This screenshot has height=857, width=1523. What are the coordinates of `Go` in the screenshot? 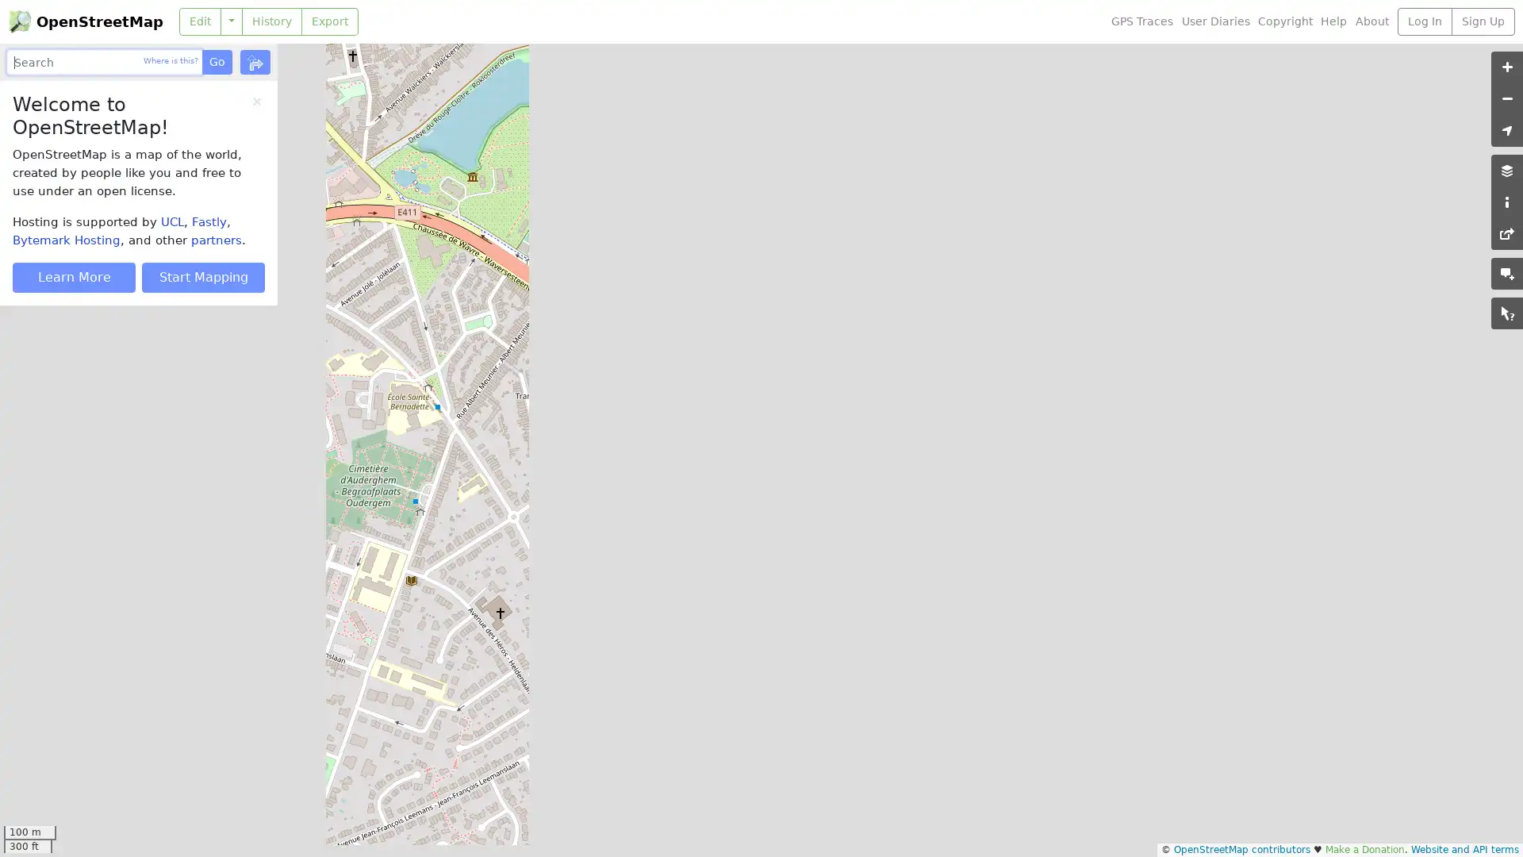 It's located at (216, 61).